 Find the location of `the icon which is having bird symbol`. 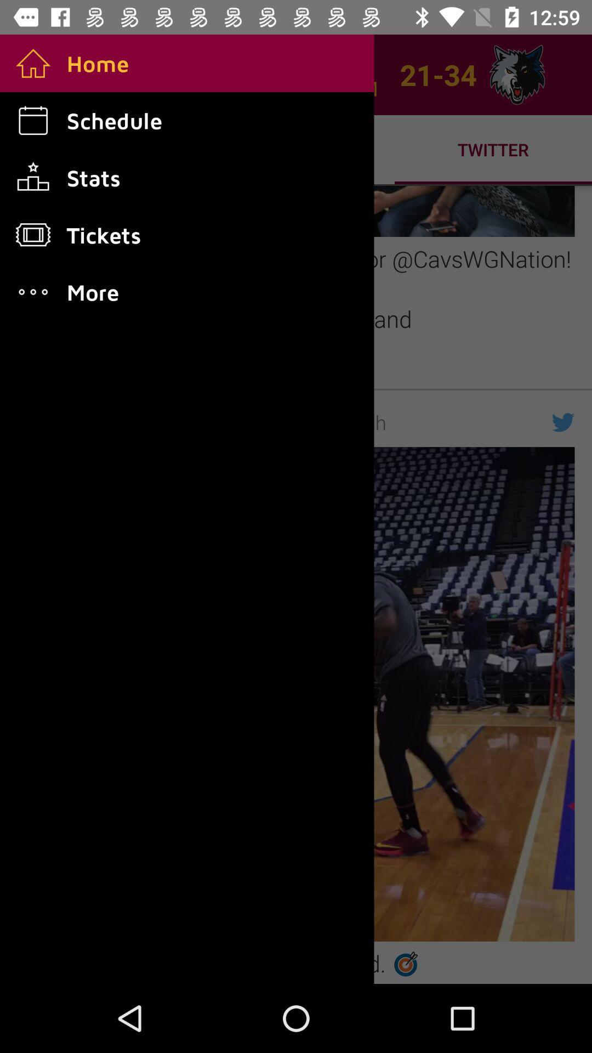

the icon which is having bird symbol is located at coordinates (563, 422).